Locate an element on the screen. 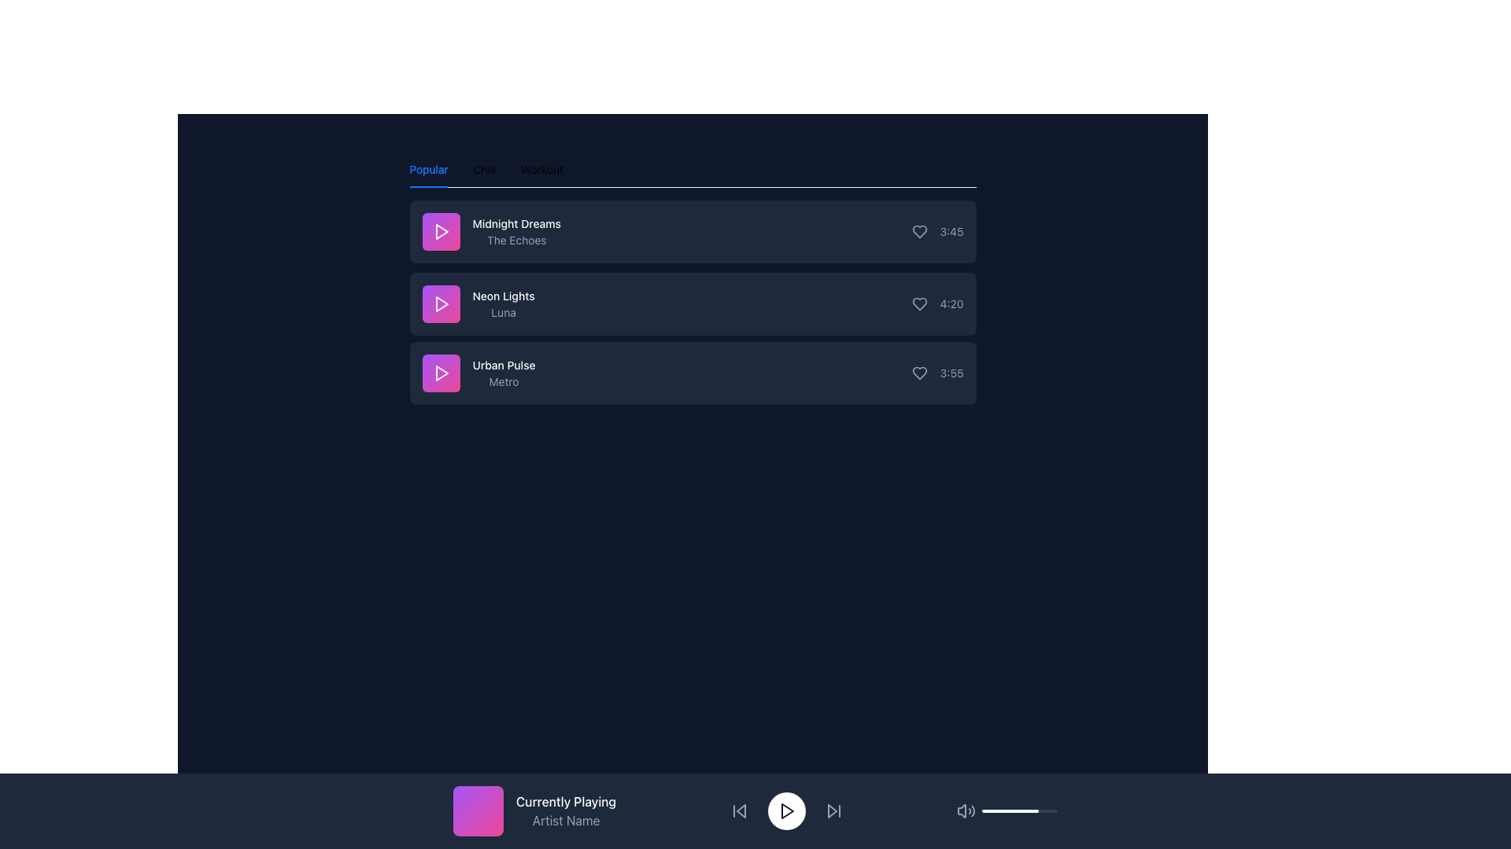  the heart-shaped icon button on the right-hand side of the song list to change its color from slate gray to pink is located at coordinates (919, 231).